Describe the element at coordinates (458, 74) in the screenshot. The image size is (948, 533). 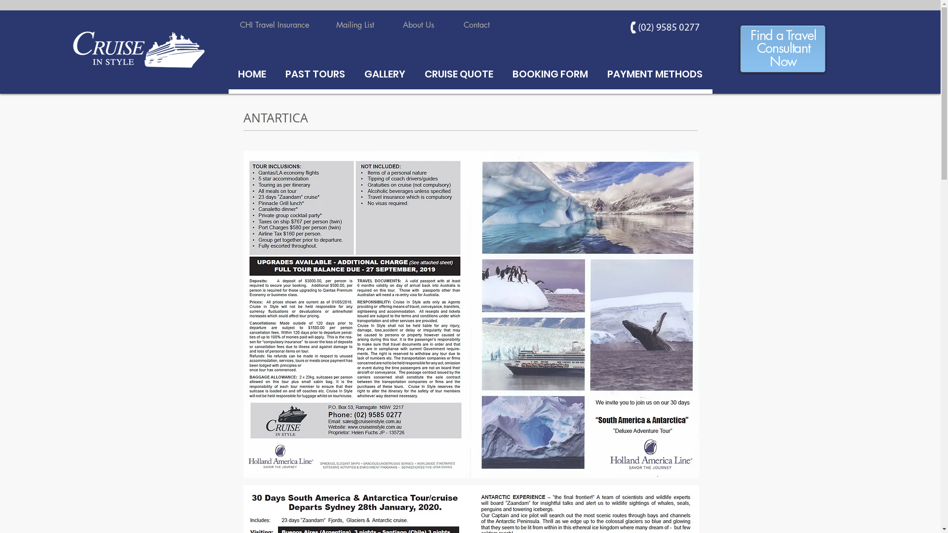
I see `'CRUISE QUOTE'` at that location.